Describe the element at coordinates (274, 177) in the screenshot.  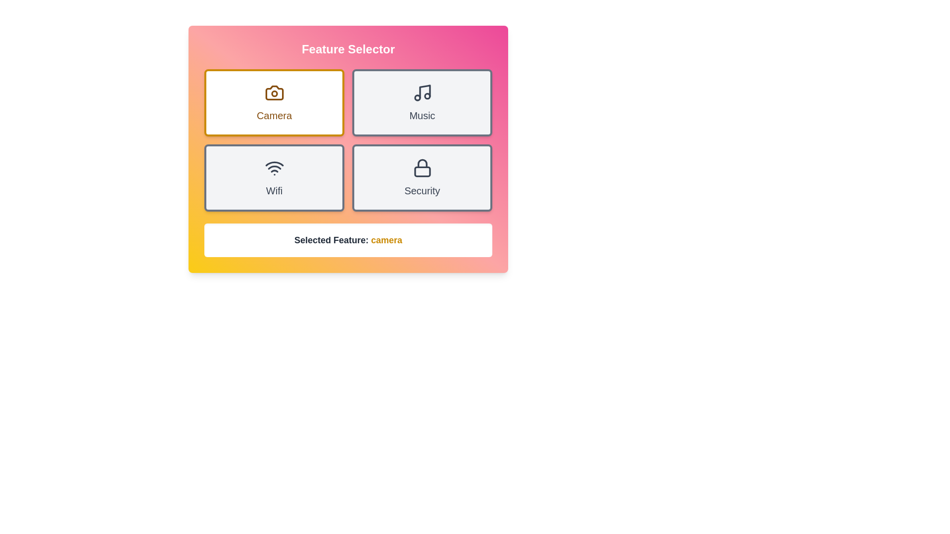
I see `the WiFi button, which has a light gray background and dark gray border, to observe any visual effects` at that location.